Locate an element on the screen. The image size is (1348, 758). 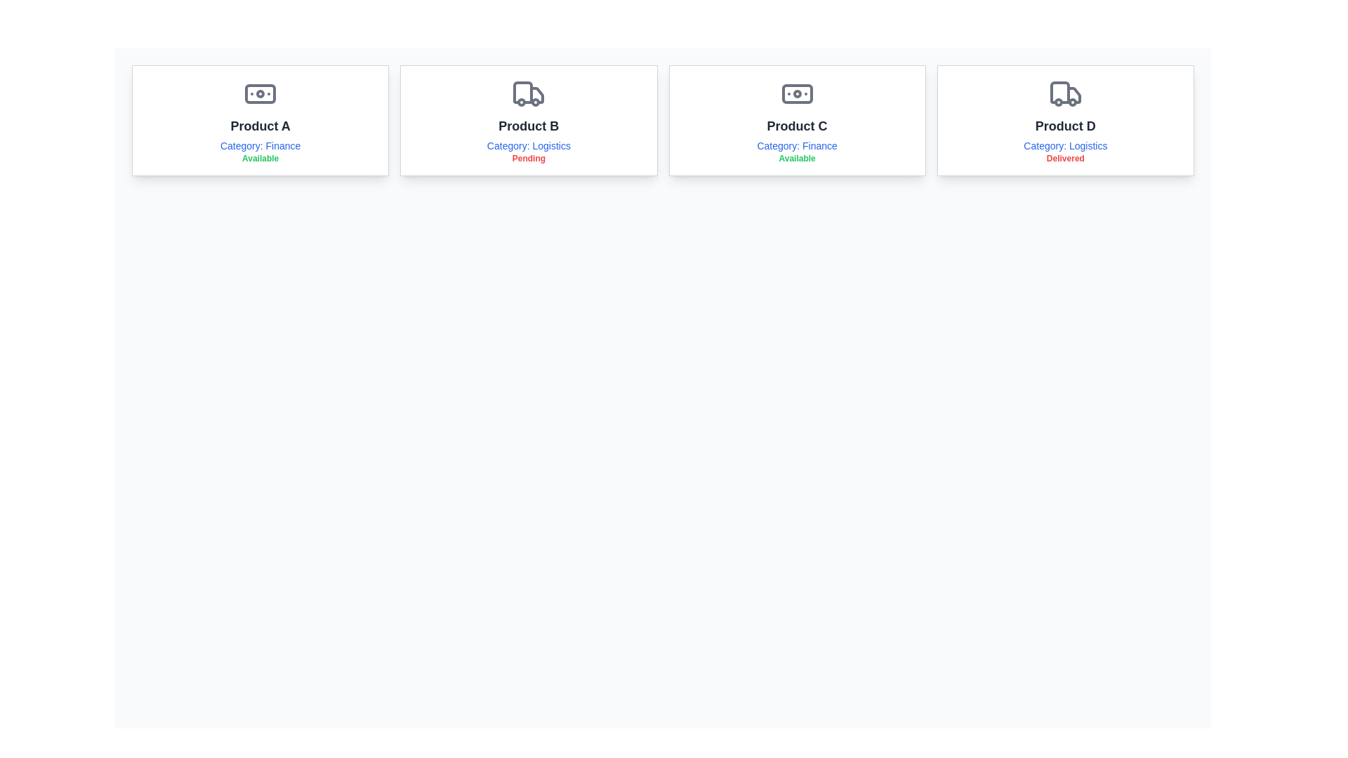
the leftmost product card in the grid layout is located at coordinates (260, 120).